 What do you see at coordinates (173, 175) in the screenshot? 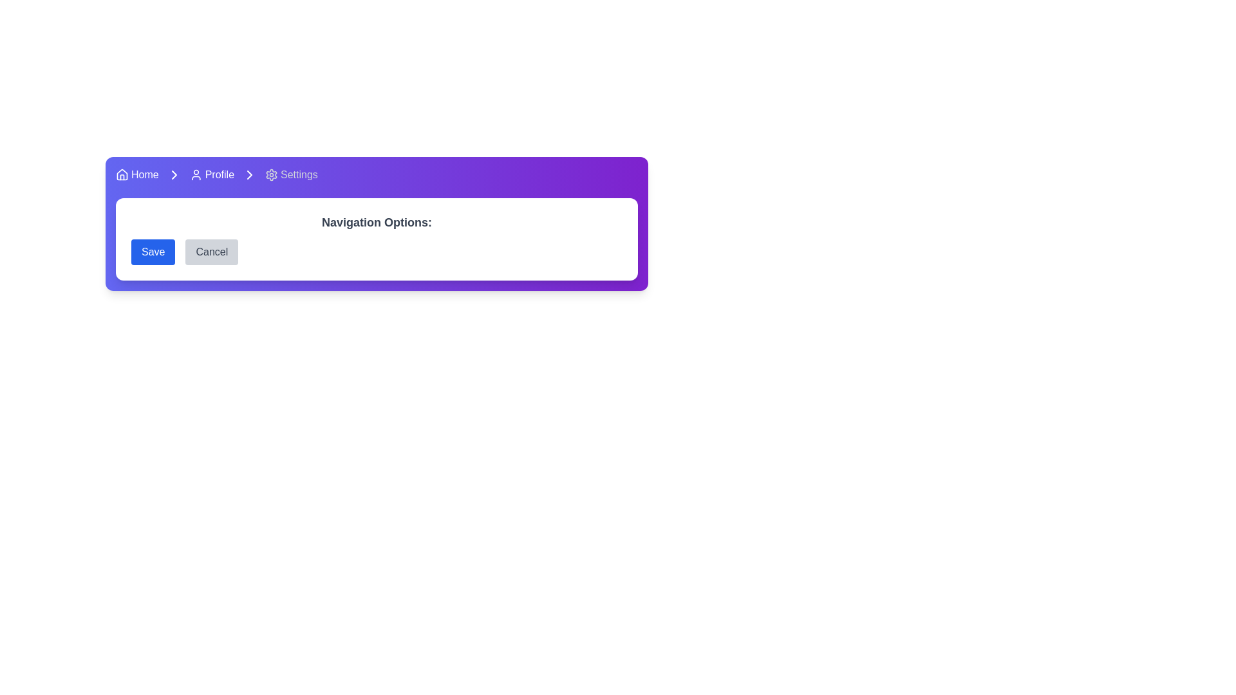
I see `chevron icon that indicates navigation from 'Profile' to 'Settings' in the top navigation section` at bounding box center [173, 175].